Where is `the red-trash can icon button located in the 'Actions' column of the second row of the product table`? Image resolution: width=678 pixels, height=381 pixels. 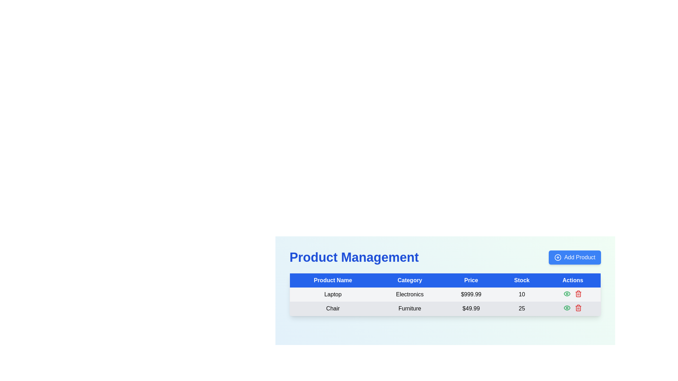
the red-trash can icon button located in the 'Actions' column of the second row of the product table is located at coordinates (578, 307).